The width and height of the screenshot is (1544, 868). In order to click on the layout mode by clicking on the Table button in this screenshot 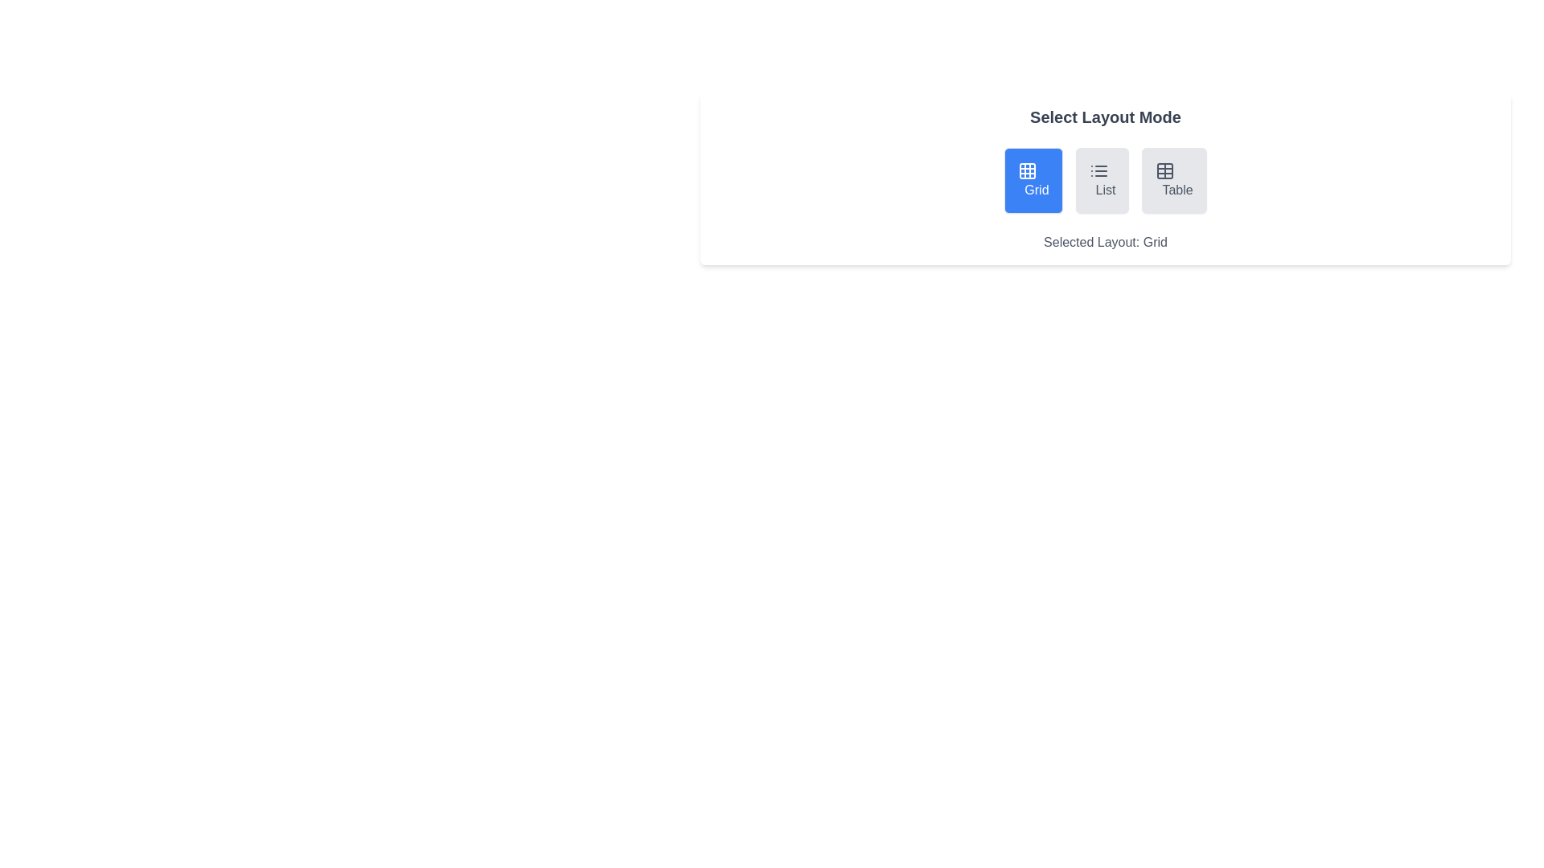, I will do `click(1173, 180)`.